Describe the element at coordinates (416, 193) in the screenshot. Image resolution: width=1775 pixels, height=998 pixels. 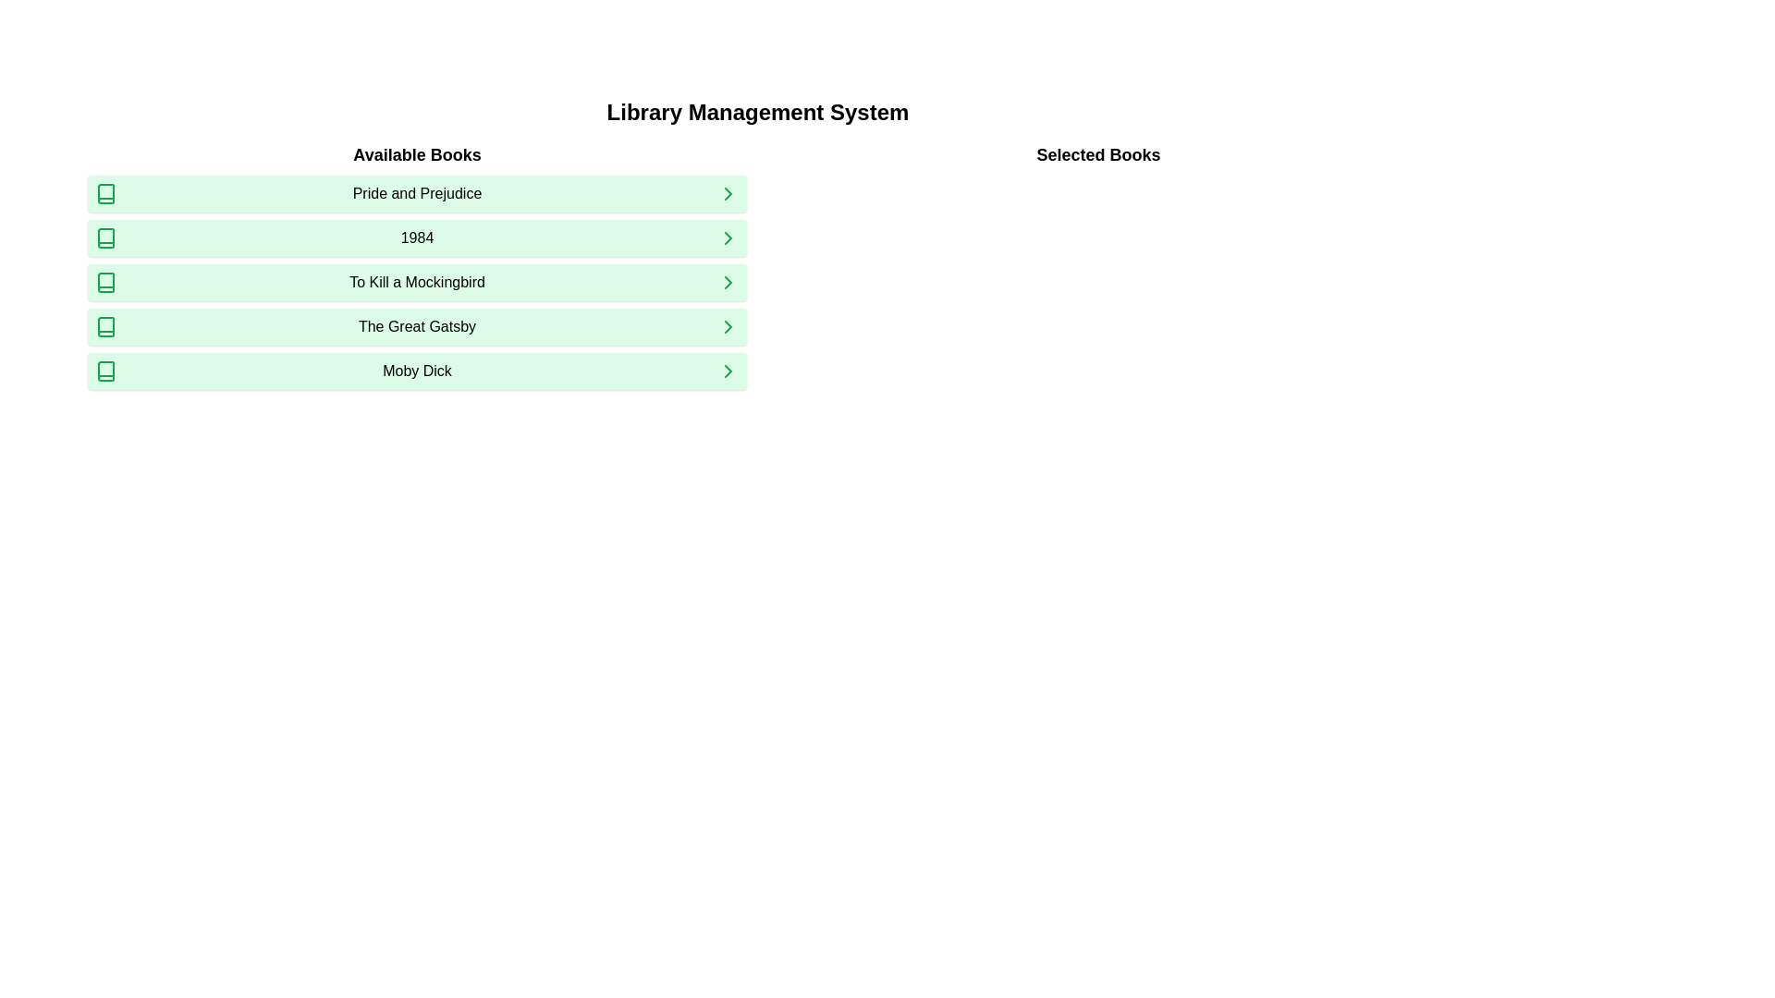
I see `the text label 'Pride and Prejudice' which is the first entry in the 'Available Books' list, positioned between a green book icon and a green right arrow, with a light green background` at that location.